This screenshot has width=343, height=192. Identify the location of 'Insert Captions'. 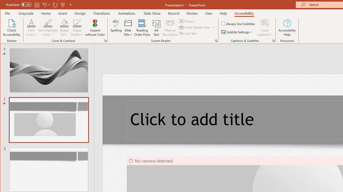
(265, 23).